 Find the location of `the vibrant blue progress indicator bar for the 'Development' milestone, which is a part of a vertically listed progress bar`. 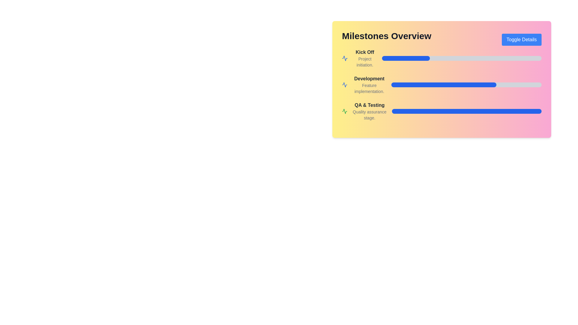

the vibrant blue progress indicator bar for the 'Development' milestone, which is a part of a vertically listed progress bar is located at coordinates (444, 85).